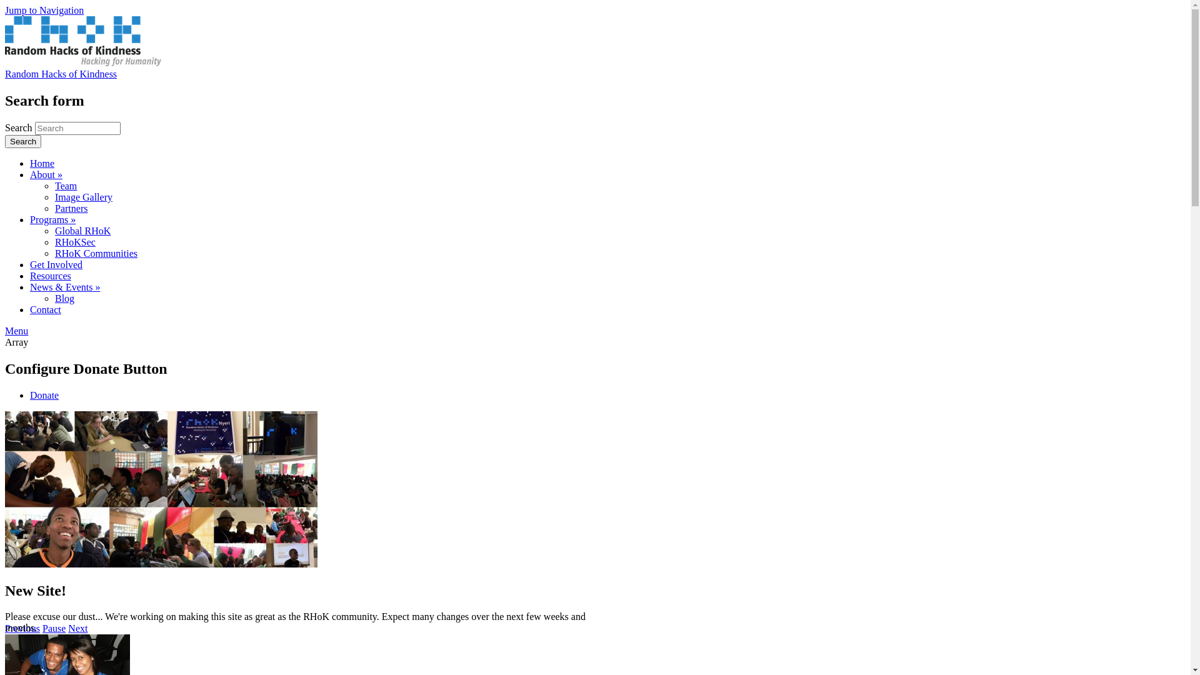 The width and height of the screenshot is (1200, 675). Describe the element at coordinates (77, 628) in the screenshot. I see `'Next'` at that location.